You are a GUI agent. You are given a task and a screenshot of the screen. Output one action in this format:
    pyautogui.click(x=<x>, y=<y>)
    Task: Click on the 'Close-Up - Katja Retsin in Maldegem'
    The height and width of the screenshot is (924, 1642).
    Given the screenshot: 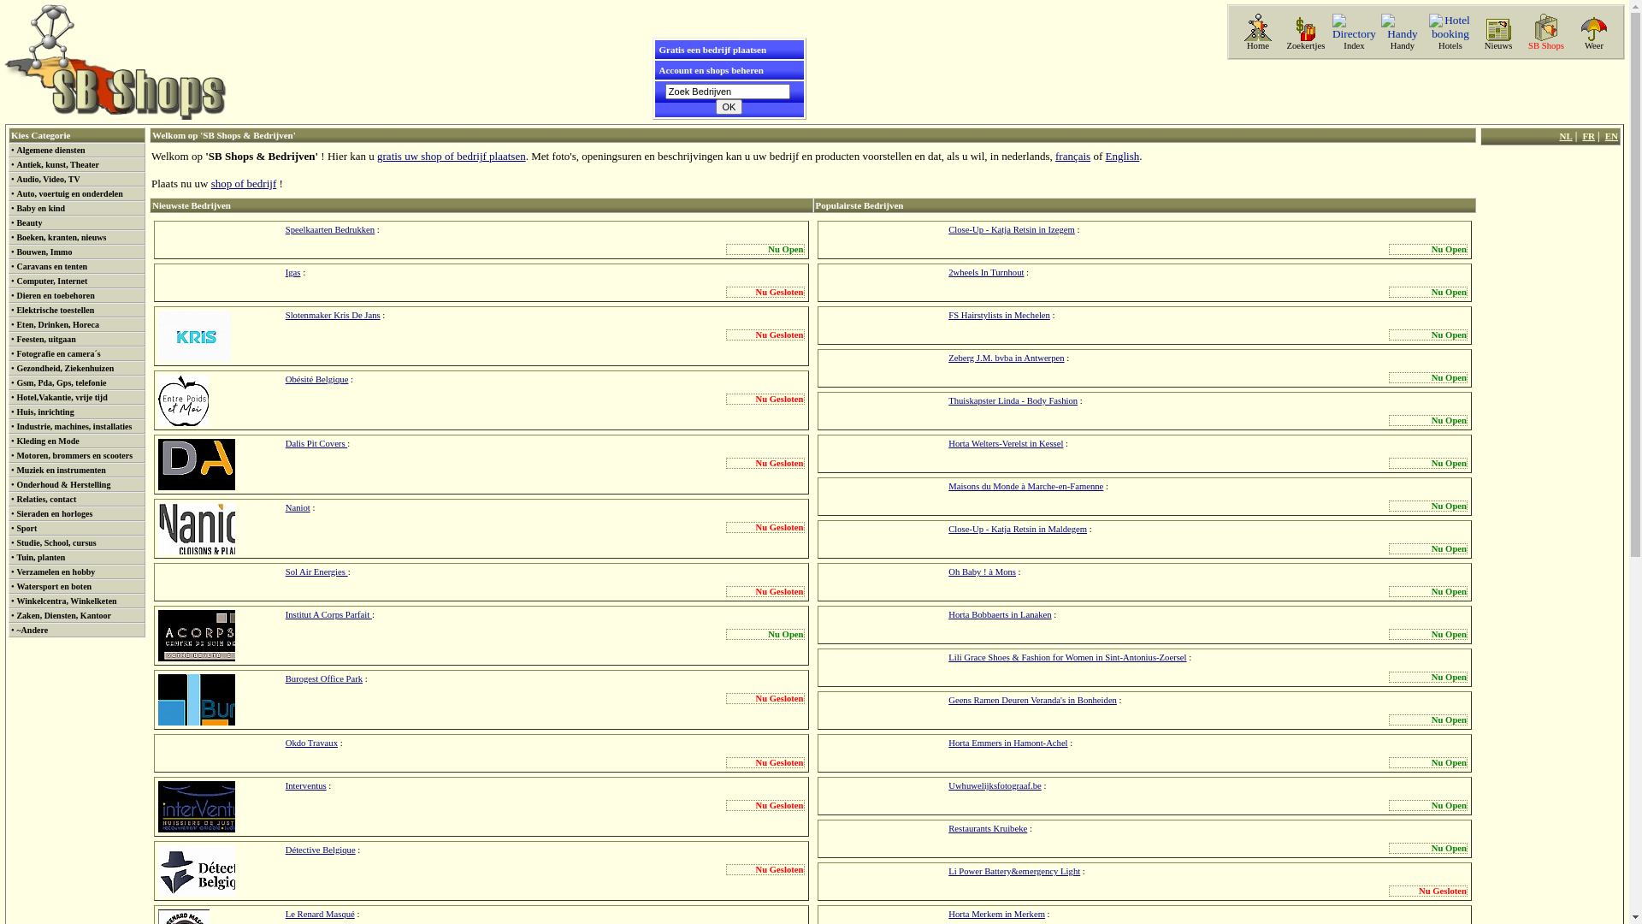 What is the action you would take?
    pyautogui.click(x=1018, y=528)
    